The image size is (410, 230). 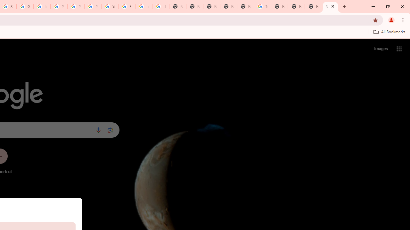 What do you see at coordinates (330, 6) in the screenshot?
I see `'New Tab'` at bounding box center [330, 6].